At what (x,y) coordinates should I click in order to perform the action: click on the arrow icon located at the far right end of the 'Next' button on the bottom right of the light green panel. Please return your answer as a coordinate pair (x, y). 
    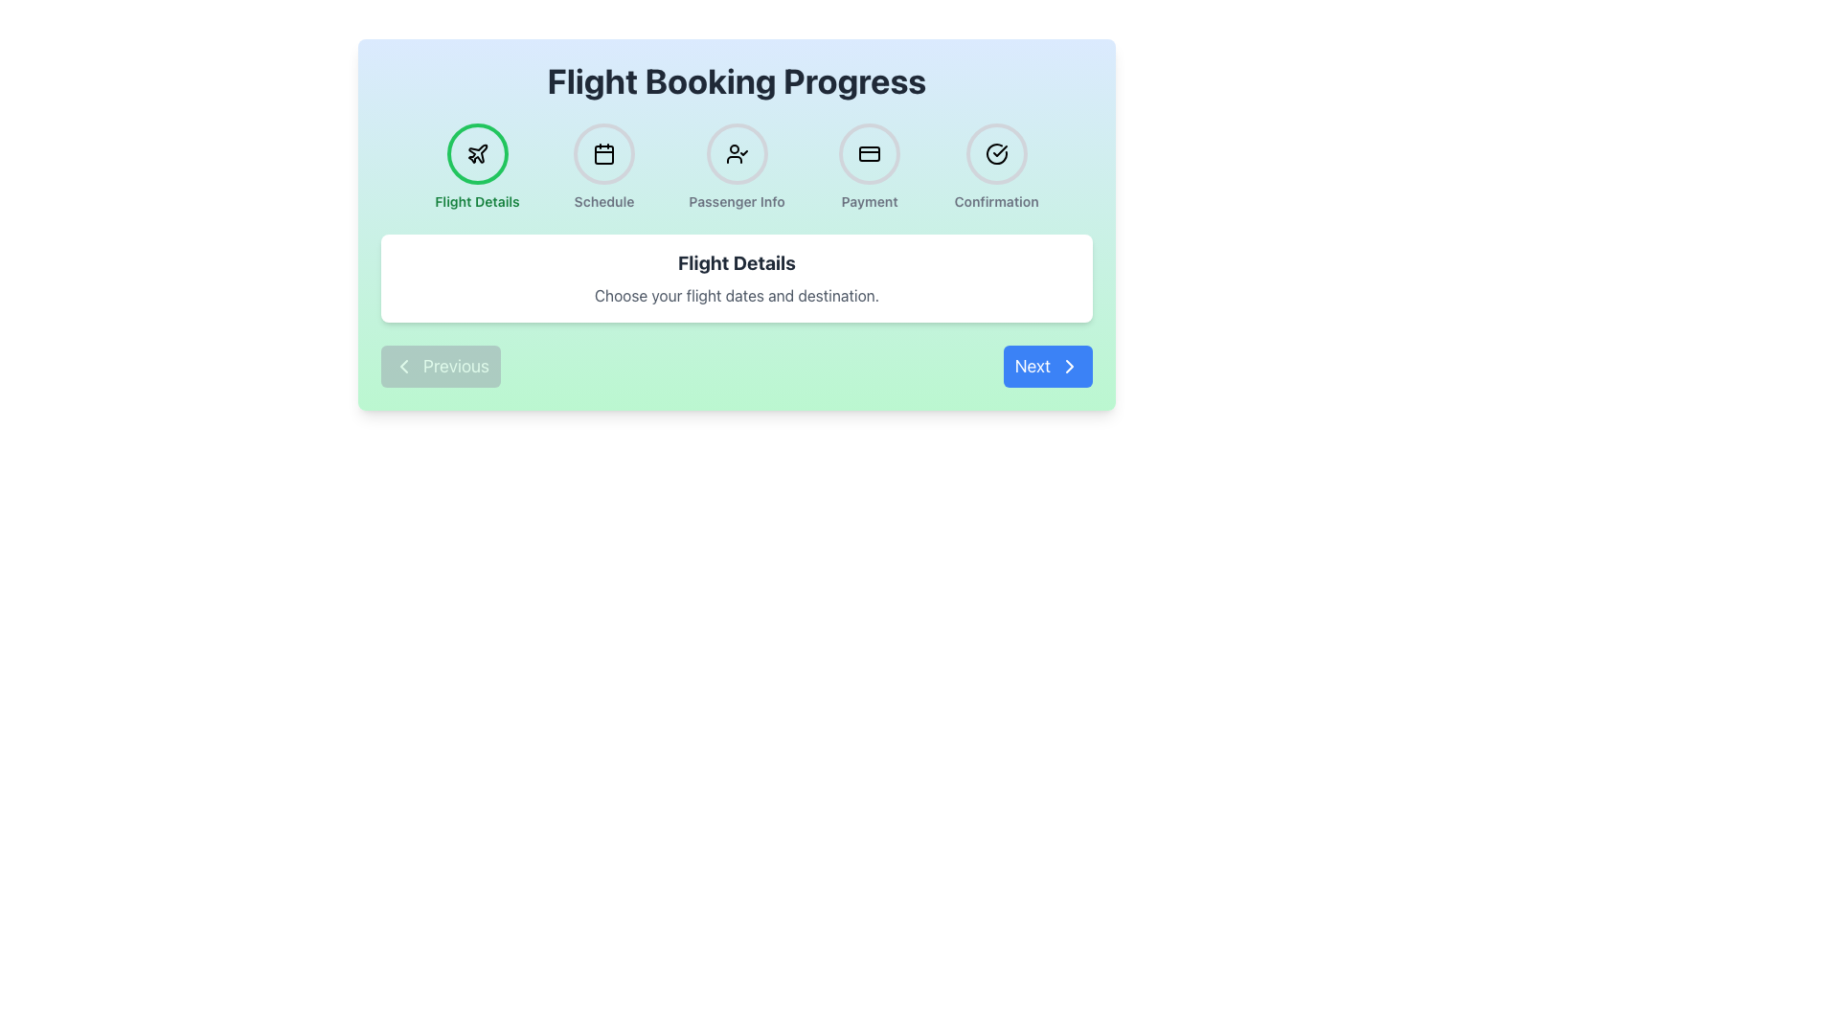
    Looking at the image, I should click on (1069, 366).